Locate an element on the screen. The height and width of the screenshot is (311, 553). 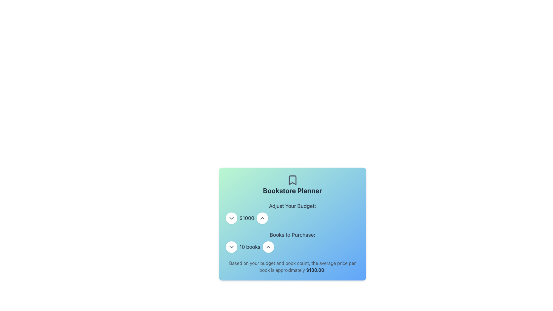
value displayed in the Text Display element that shows '$1000' in bold black font against a light blue background, situated between interactive arrow buttons is located at coordinates (247, 218).